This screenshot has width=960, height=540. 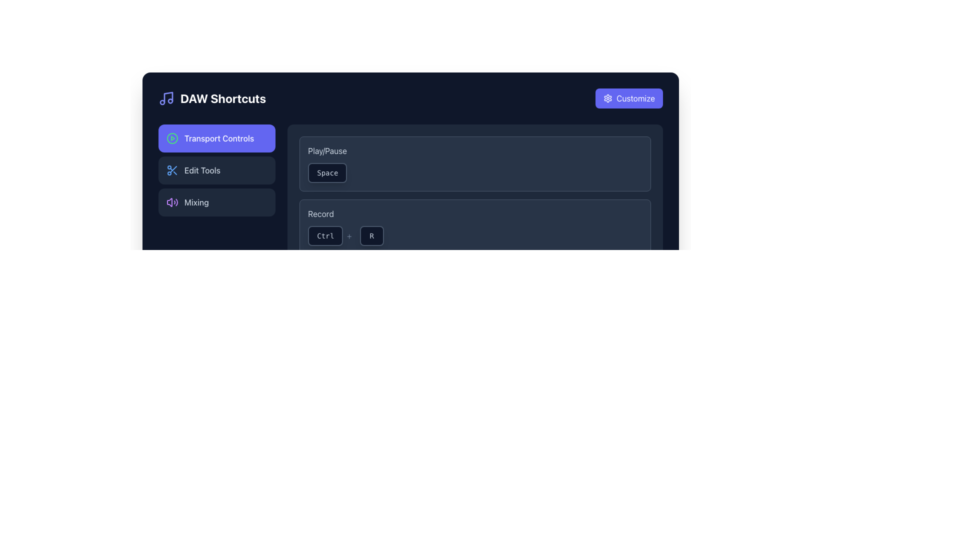 I want to click on the first button in the 'DAW Shortcuts' section that activates the 'Transport Controls' functionality, so click(x=216, y=138).